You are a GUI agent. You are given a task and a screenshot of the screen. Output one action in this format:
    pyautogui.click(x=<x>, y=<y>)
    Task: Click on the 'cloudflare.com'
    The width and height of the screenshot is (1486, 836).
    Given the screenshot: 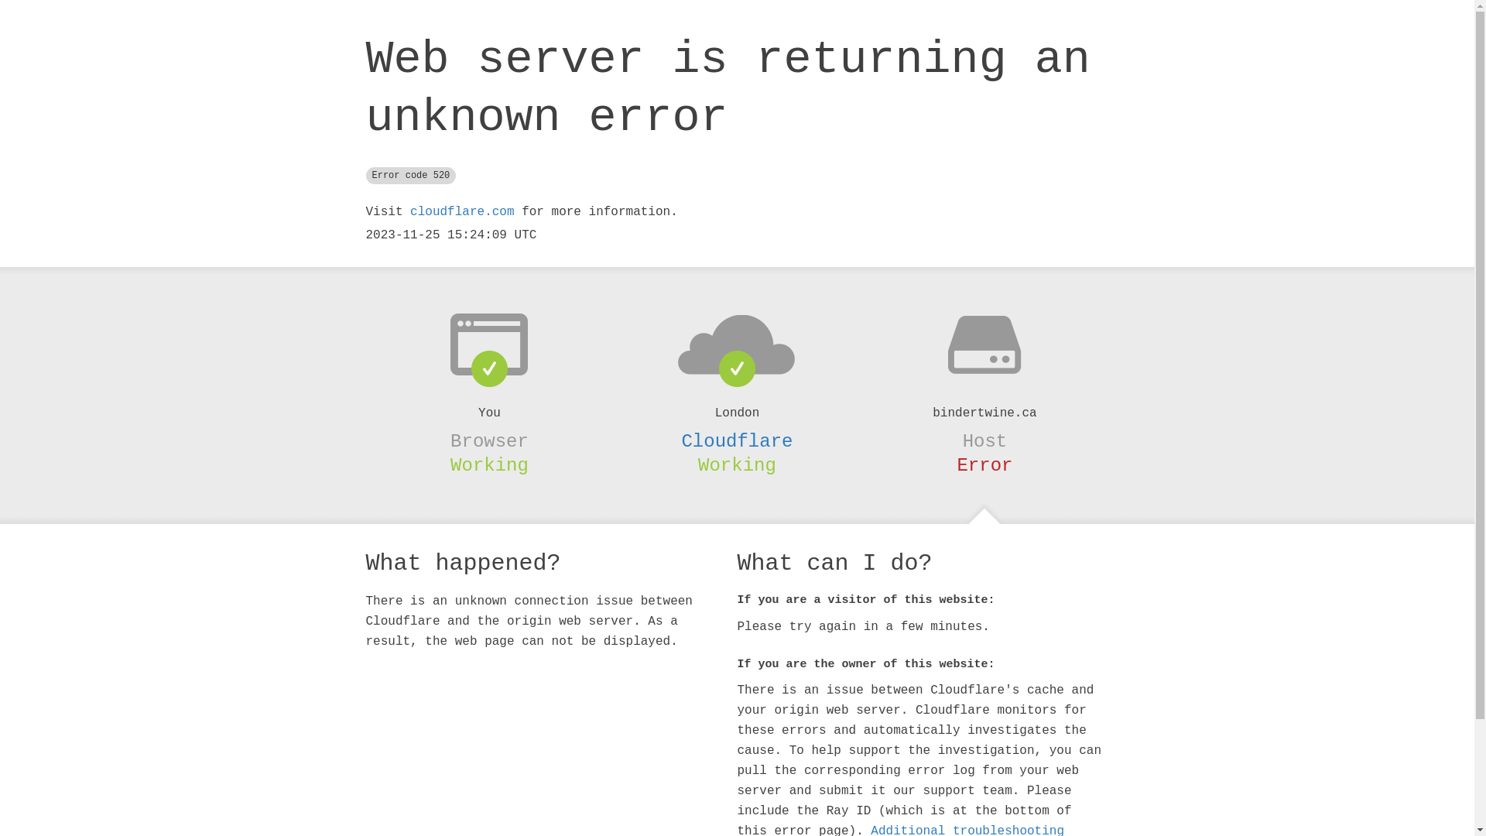 What is the action you would take?
    pyautogui.click(x=461, y=211)
    